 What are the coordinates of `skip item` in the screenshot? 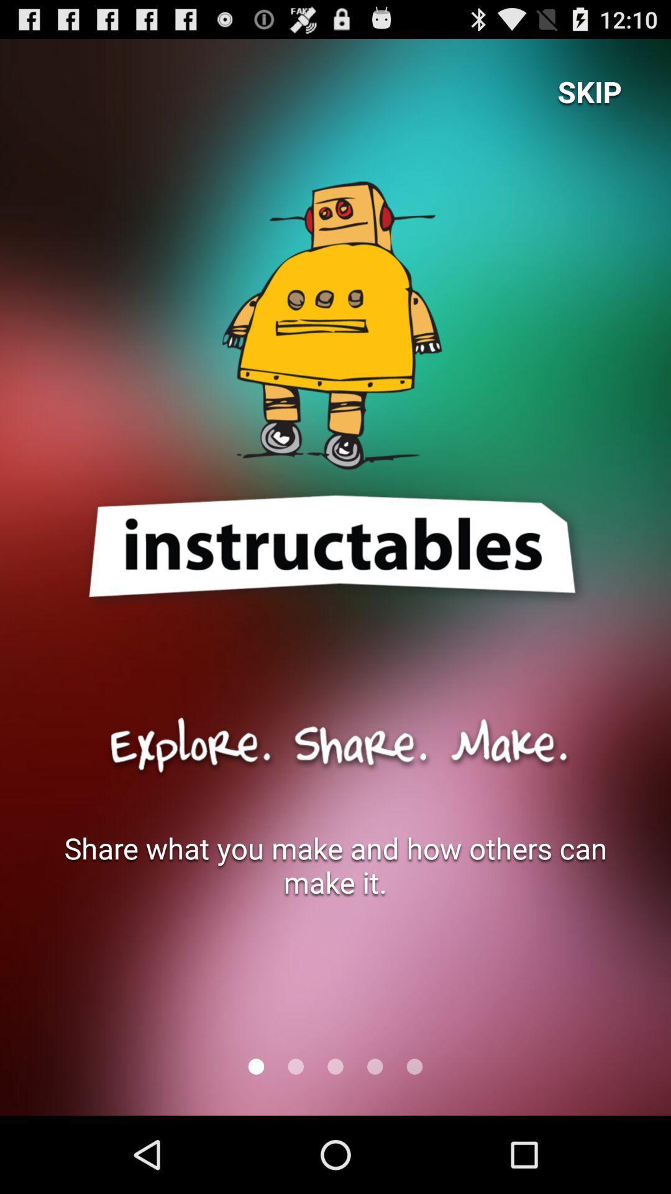 It's located at (589, 91).